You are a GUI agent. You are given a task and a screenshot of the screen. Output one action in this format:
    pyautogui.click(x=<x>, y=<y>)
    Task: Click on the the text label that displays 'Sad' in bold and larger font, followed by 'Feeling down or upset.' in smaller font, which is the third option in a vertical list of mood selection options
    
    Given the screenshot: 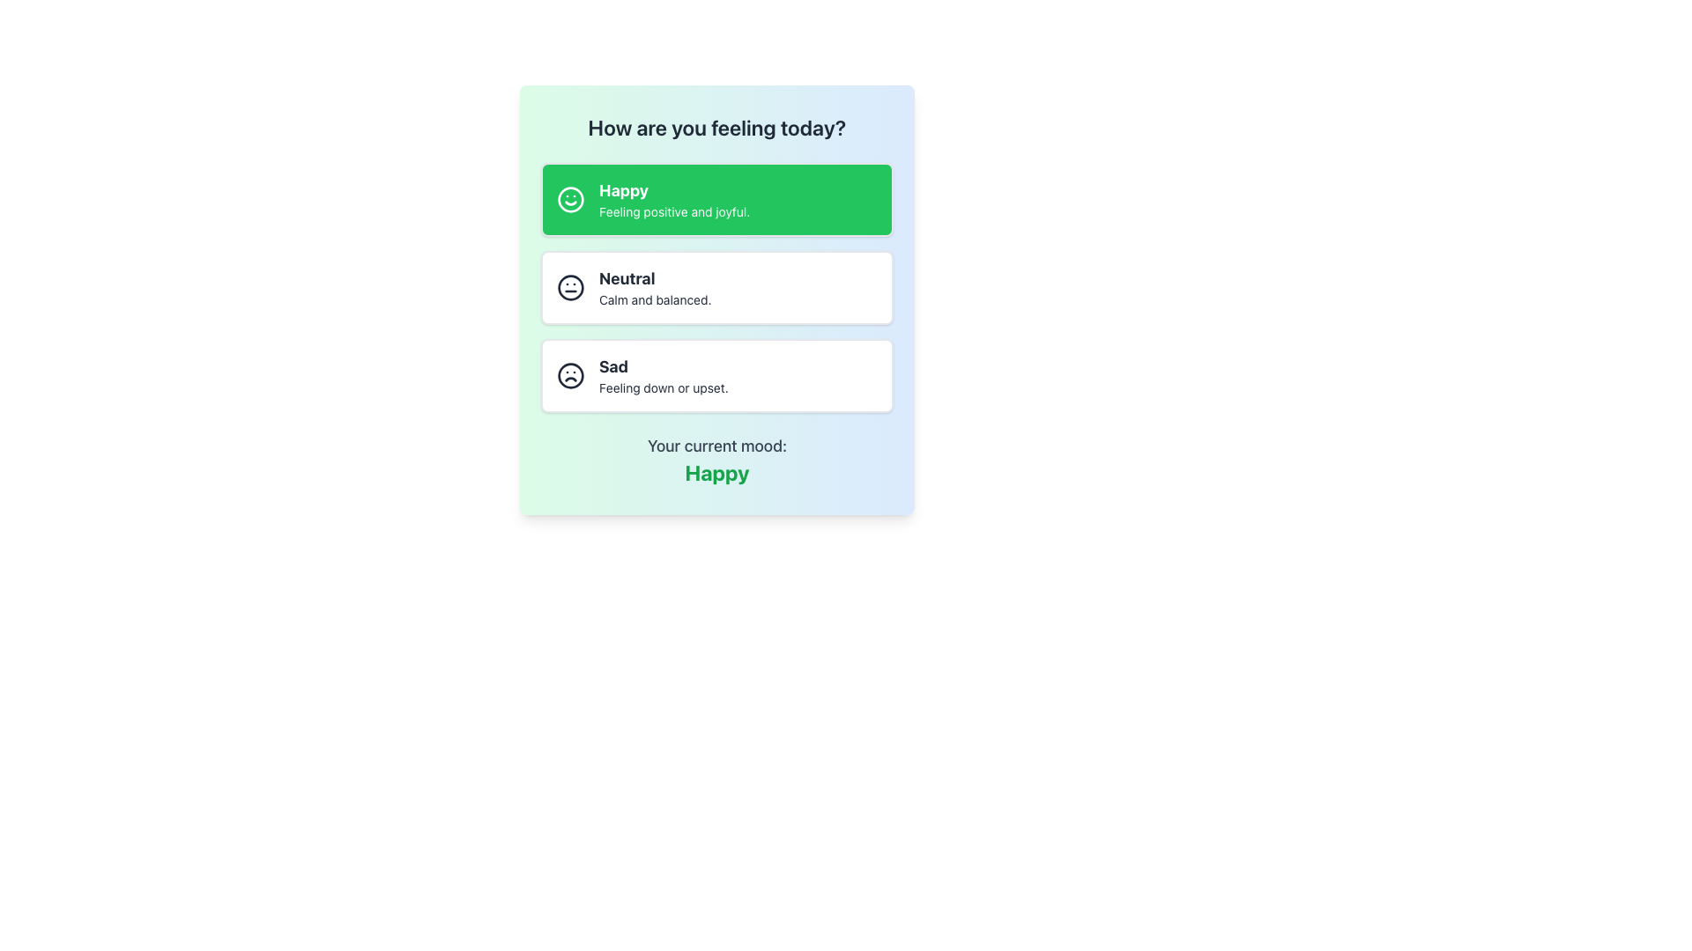 What is the action you would take?
    pyautogui.click(x=663, y=375)
    